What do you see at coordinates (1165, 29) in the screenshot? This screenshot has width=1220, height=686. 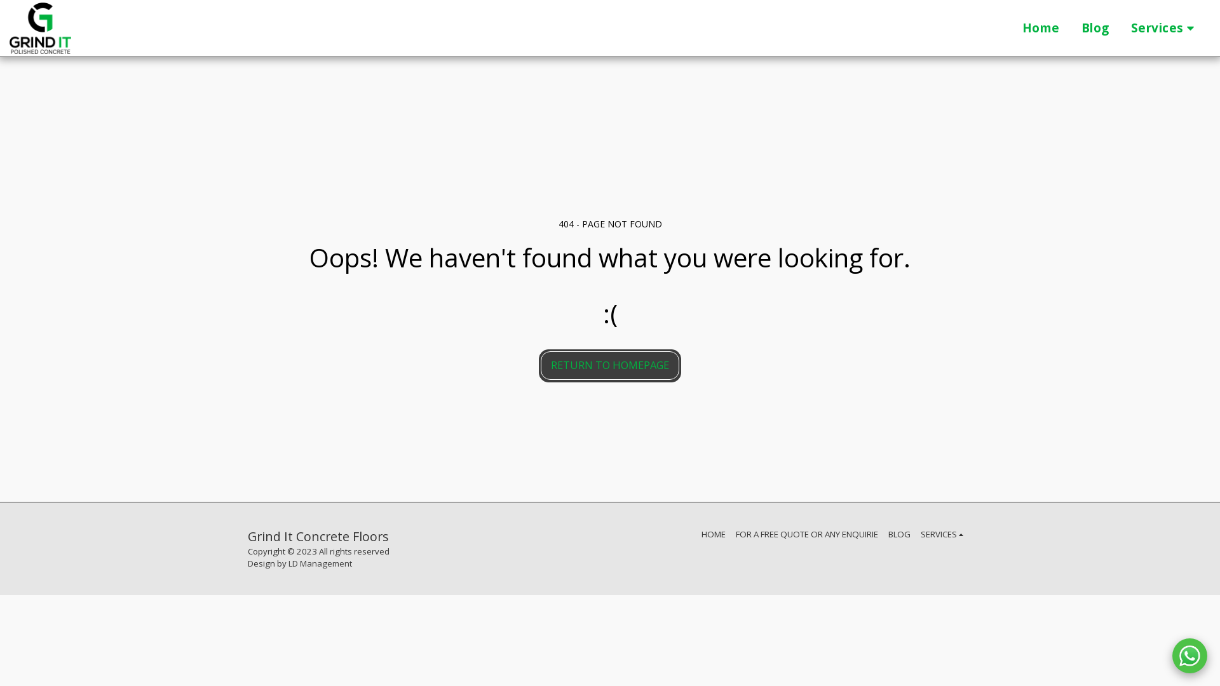 I see `'Services  '` at bounding box center [1165, 29].